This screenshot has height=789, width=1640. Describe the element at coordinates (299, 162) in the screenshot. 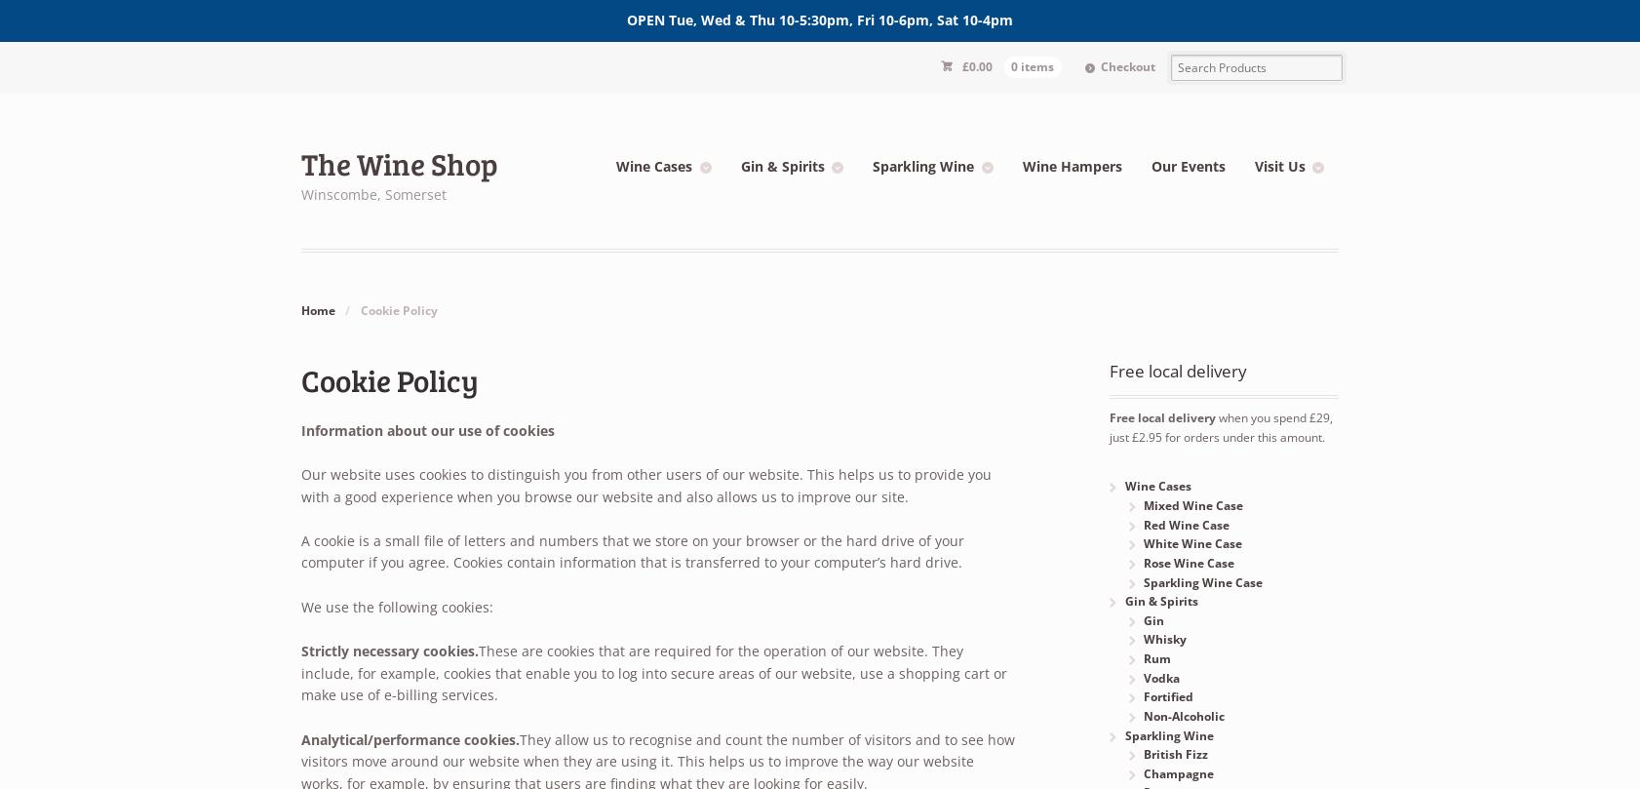

I see `'The Wine Shop'` at that location.